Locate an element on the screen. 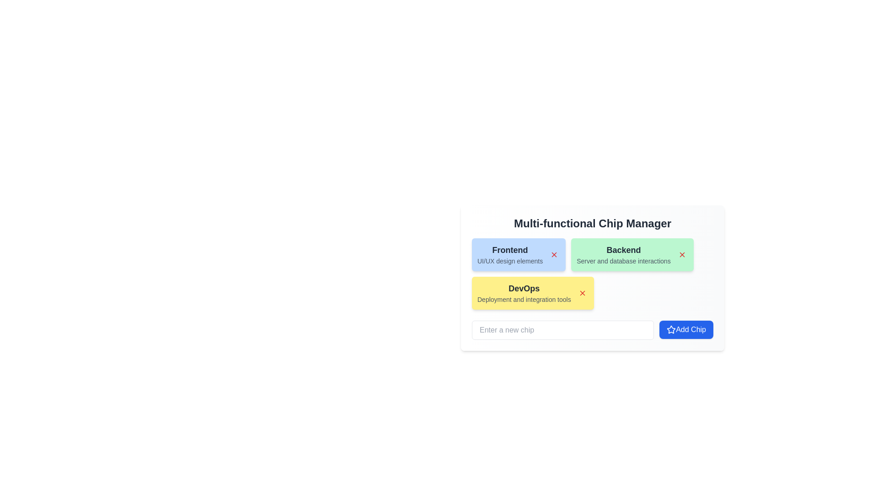  the star-shaped icon located to the left of the 'Add Chip' text within the blue button in the bottom-right corner of the interface is located at coordinates (671, 330).